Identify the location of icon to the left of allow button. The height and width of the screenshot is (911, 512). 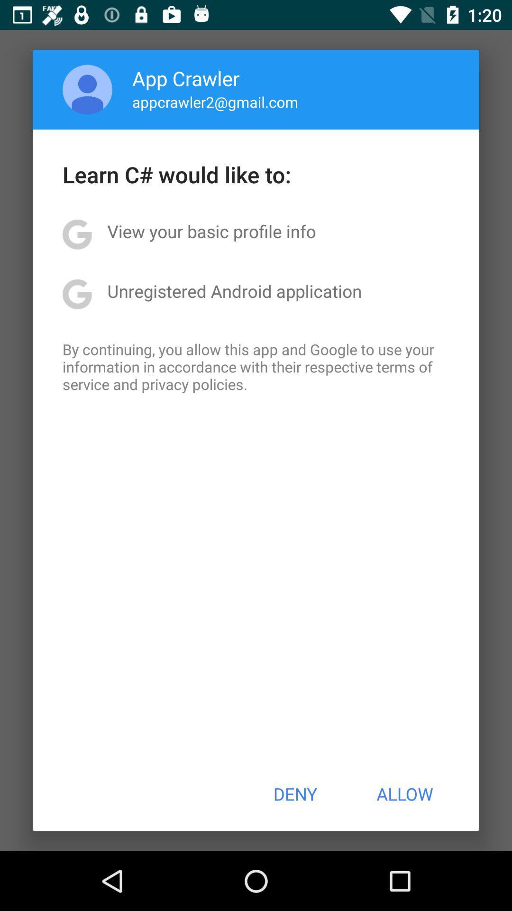
(294, 794).